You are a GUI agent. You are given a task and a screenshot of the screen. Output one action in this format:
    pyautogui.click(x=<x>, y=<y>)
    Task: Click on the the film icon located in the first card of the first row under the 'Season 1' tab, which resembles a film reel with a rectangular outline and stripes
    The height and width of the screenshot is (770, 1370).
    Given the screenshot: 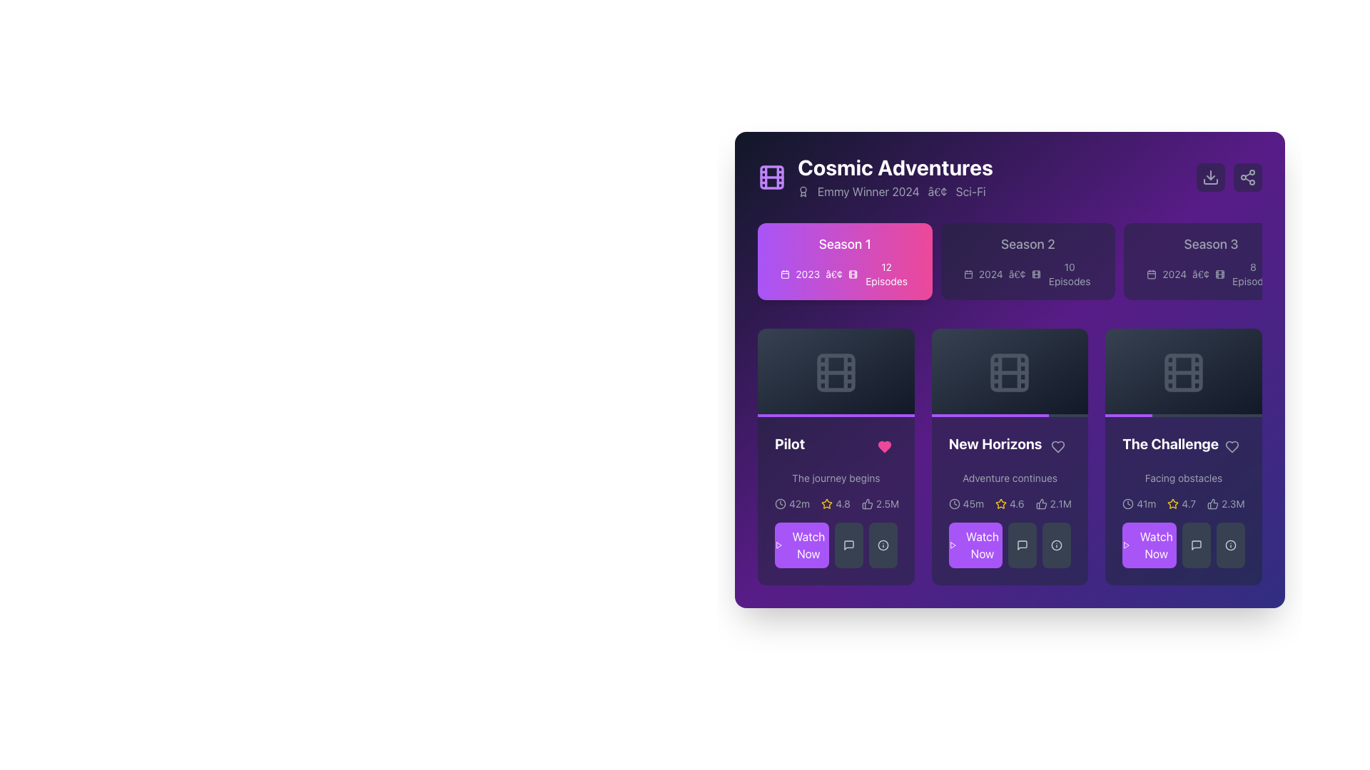 What is the action you would take?
    pyautogui.click(x=836, y=371)
    